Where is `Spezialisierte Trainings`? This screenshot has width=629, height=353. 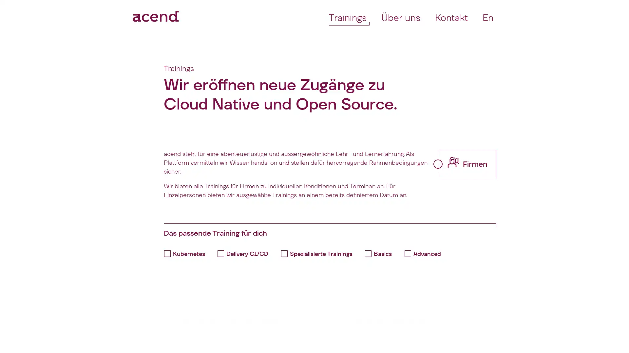 Spezialisierte Trainings is located at coordinates (319, 253).